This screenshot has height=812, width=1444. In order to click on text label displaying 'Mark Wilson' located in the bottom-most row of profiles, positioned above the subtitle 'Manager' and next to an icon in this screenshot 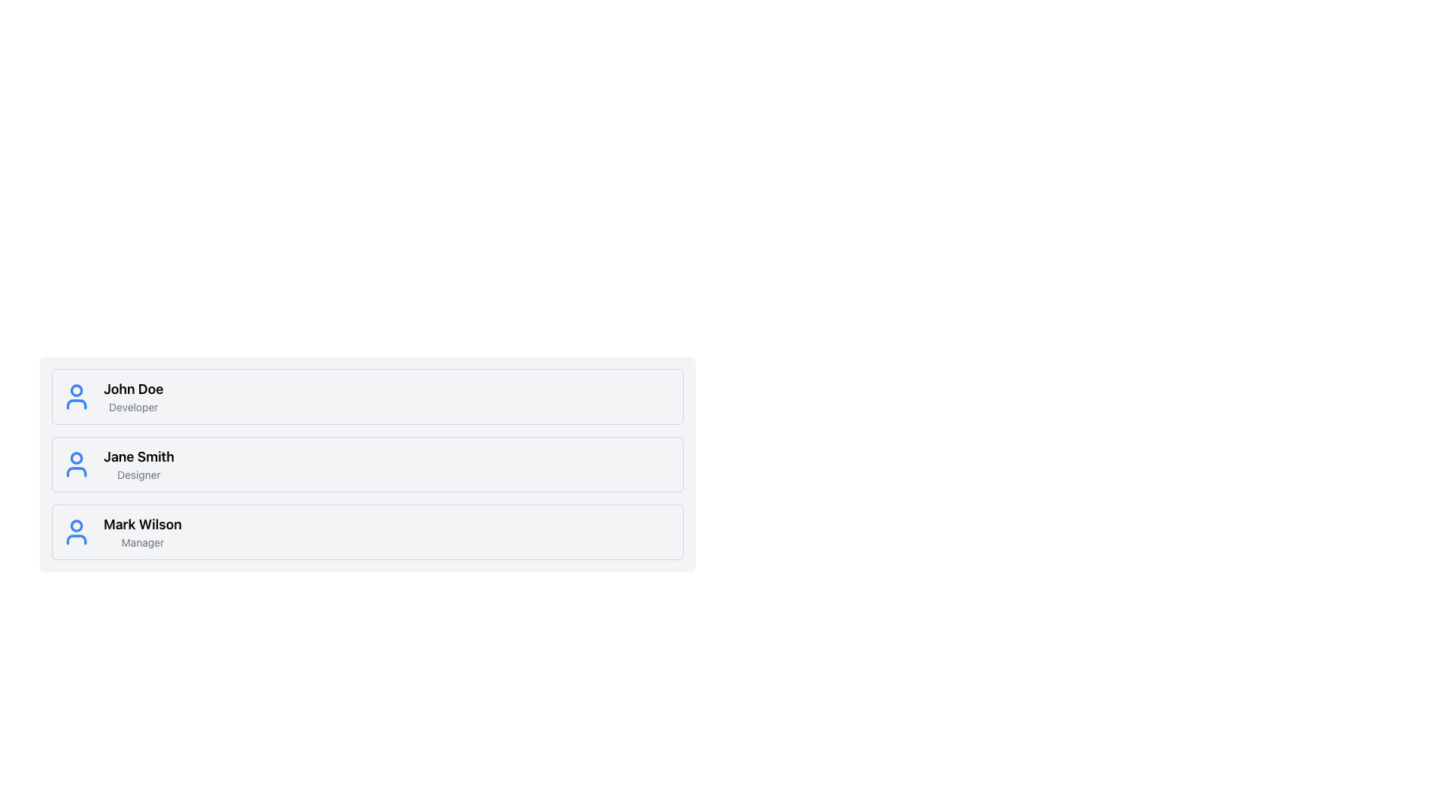, I will do `click(142, 524)`.